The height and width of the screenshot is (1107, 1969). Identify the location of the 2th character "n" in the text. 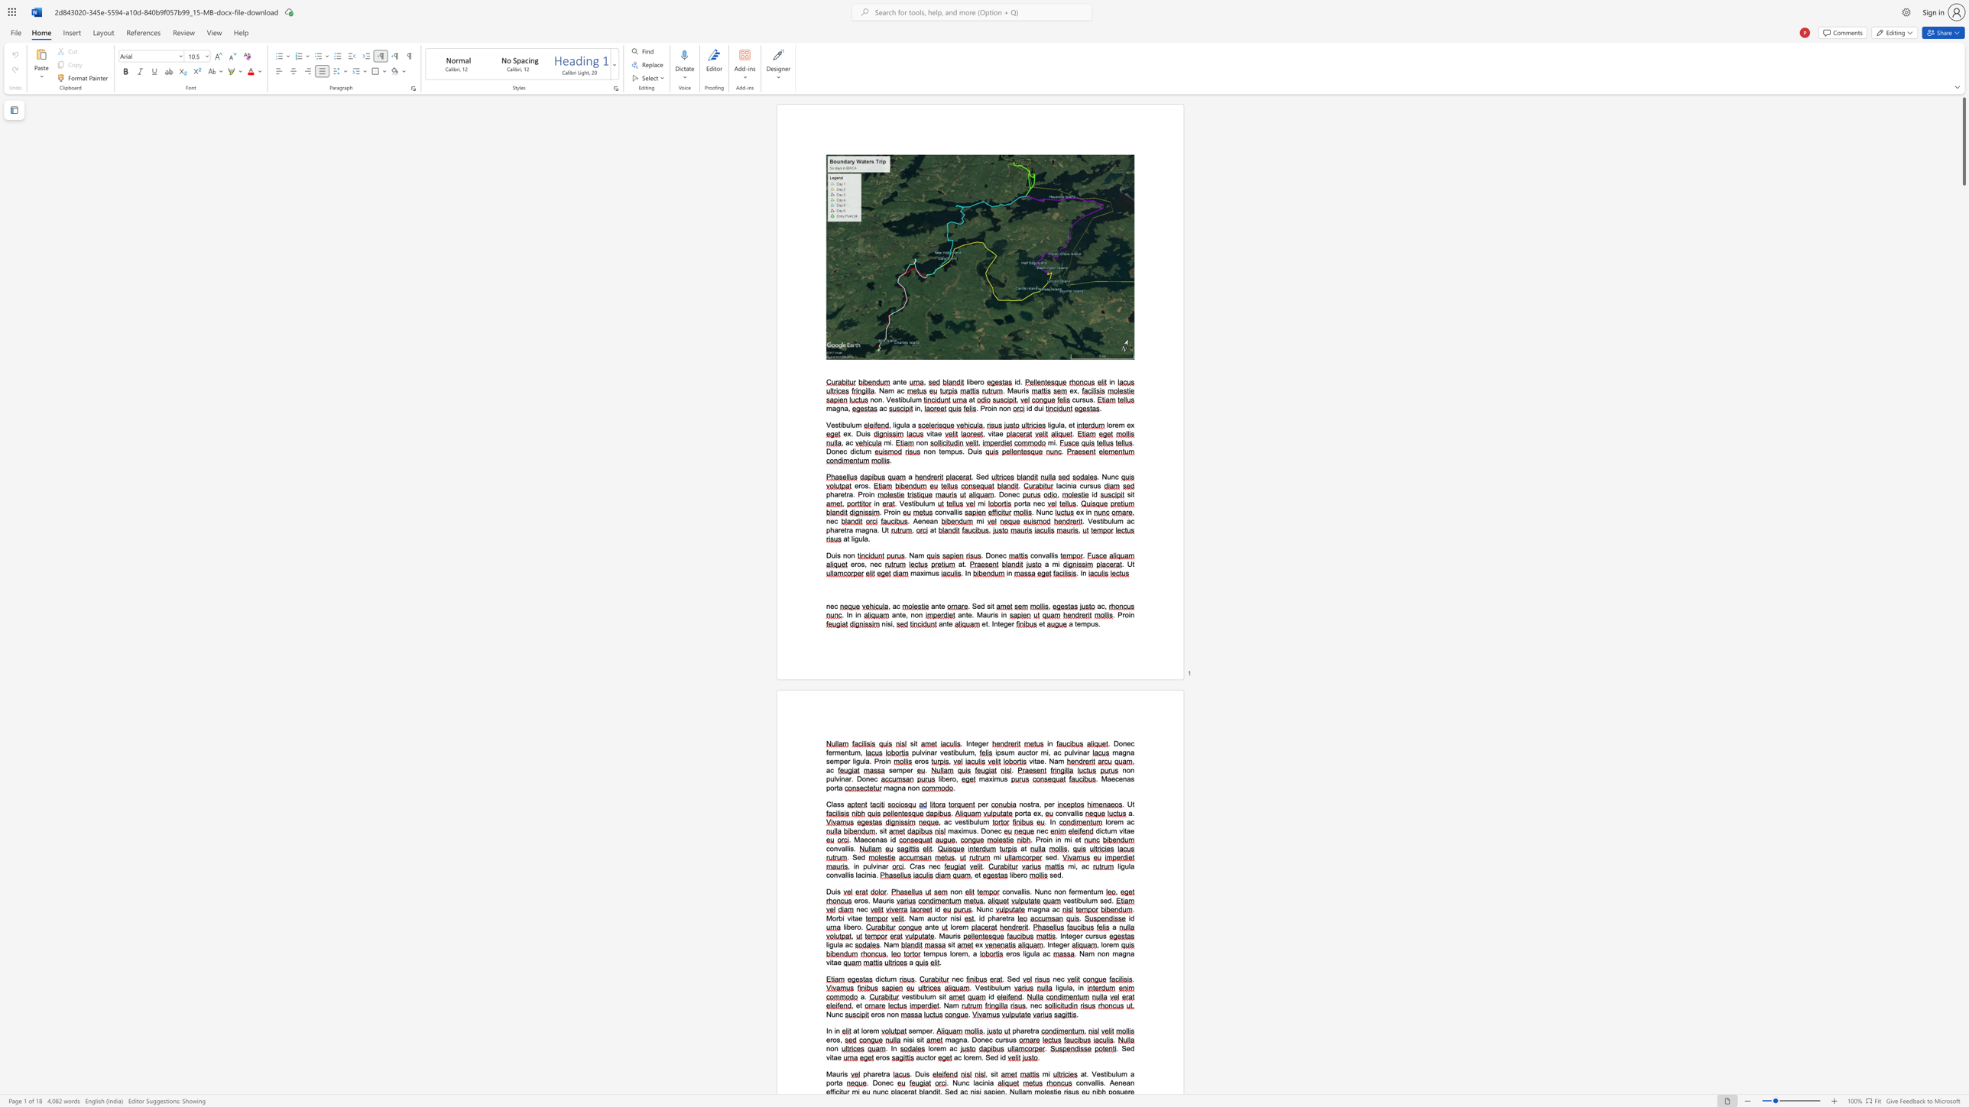
(879, 866).